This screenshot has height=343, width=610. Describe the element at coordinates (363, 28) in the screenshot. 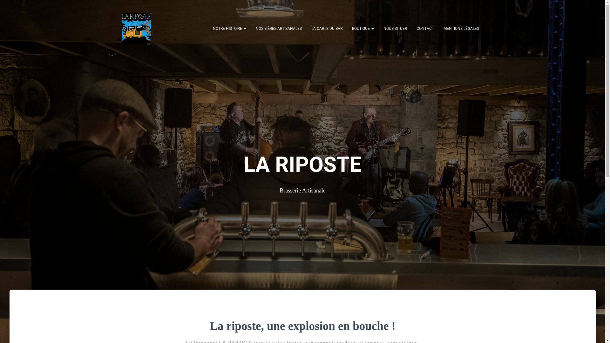

I see `'BOUTIQUE'` at that location.